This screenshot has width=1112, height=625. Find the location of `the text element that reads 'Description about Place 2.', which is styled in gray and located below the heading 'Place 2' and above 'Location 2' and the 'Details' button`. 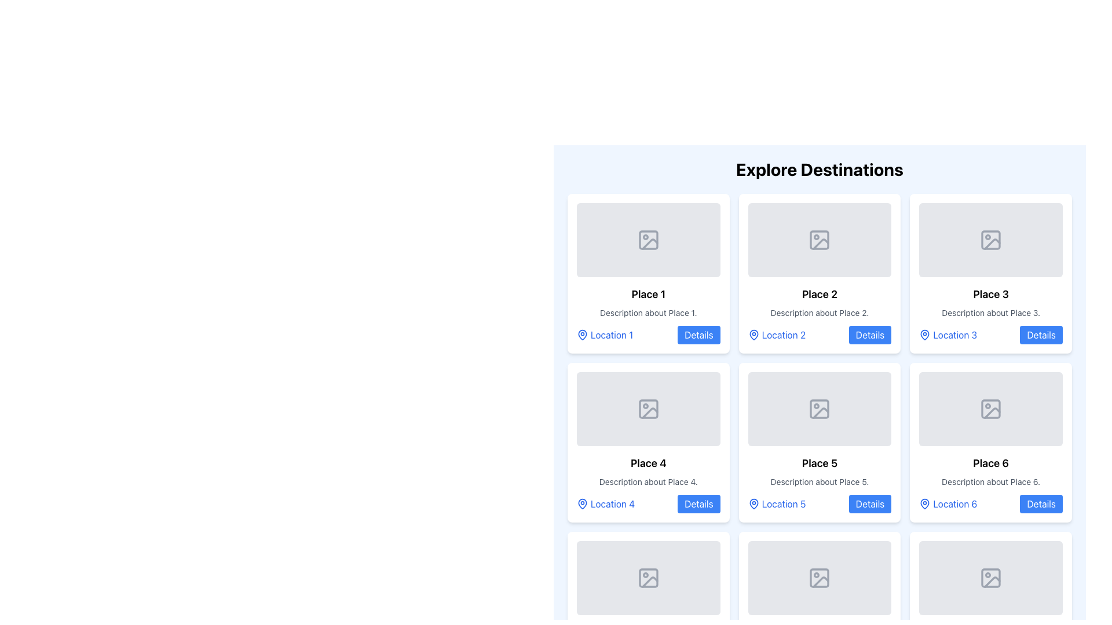

the text element that reads 'Description about Place 2.', which is styled in gray and located below the heading 'Place 2' and above 'Location 2' and the 'Details' button is located at coordinates (819, 312).